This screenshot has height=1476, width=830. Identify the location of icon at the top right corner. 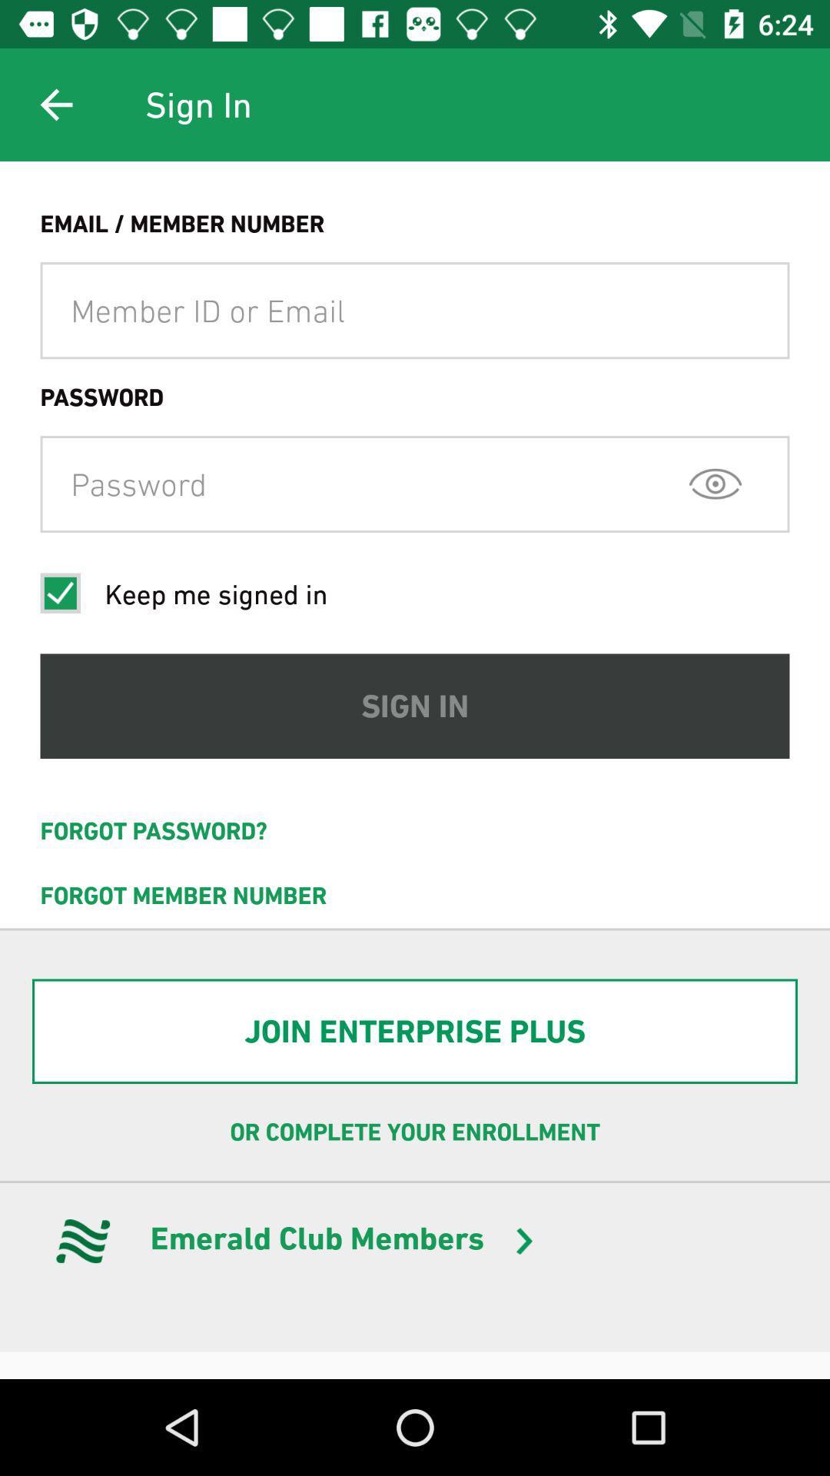
(715, 483).